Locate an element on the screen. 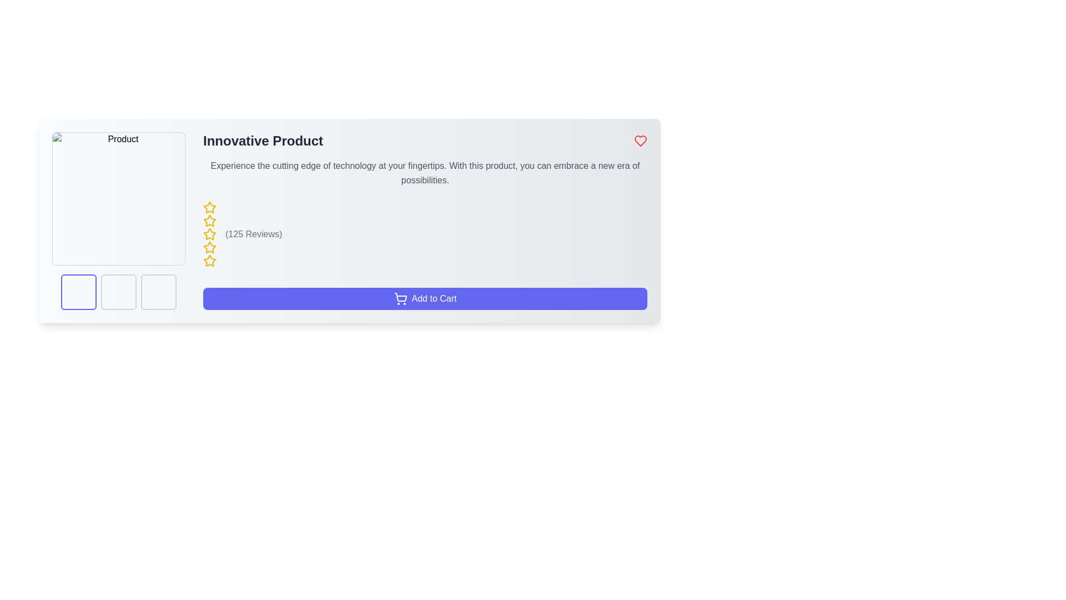 The width and height of the screenshot is (1066, 600). the text block styled with light gray color, centrally aligned, that starts with 'Experience the cutting edge of technology...' located between the header 'Innovative Product' and the '(125 Reviews)' text block is located at coordinates (425, 173).